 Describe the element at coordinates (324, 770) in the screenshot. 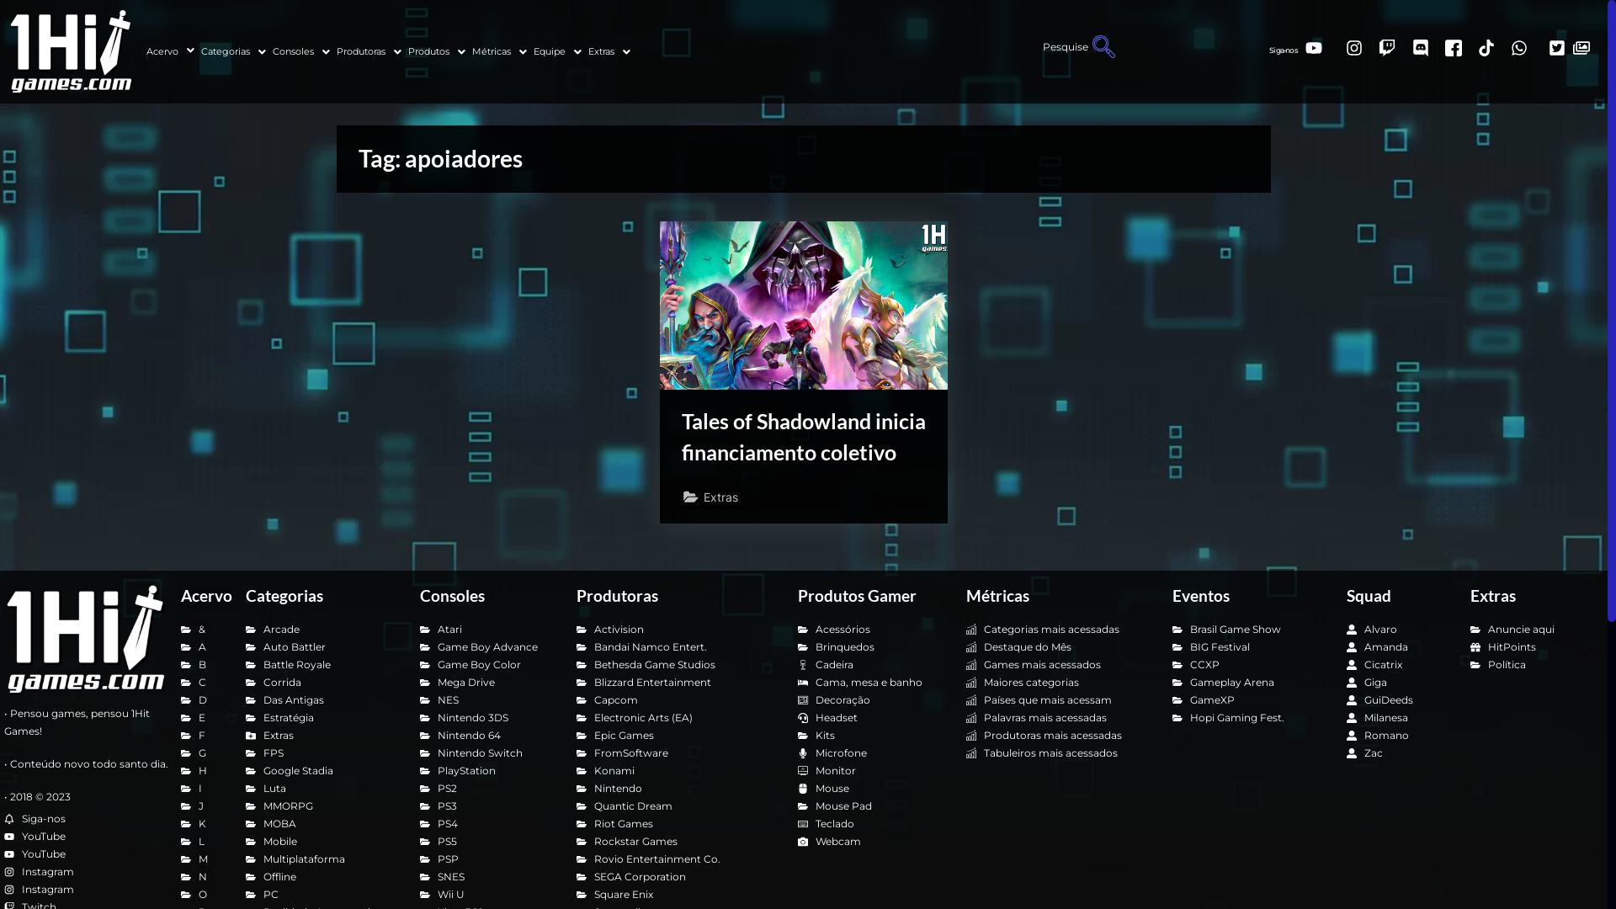

I see `'Google Stadia'` at that location.